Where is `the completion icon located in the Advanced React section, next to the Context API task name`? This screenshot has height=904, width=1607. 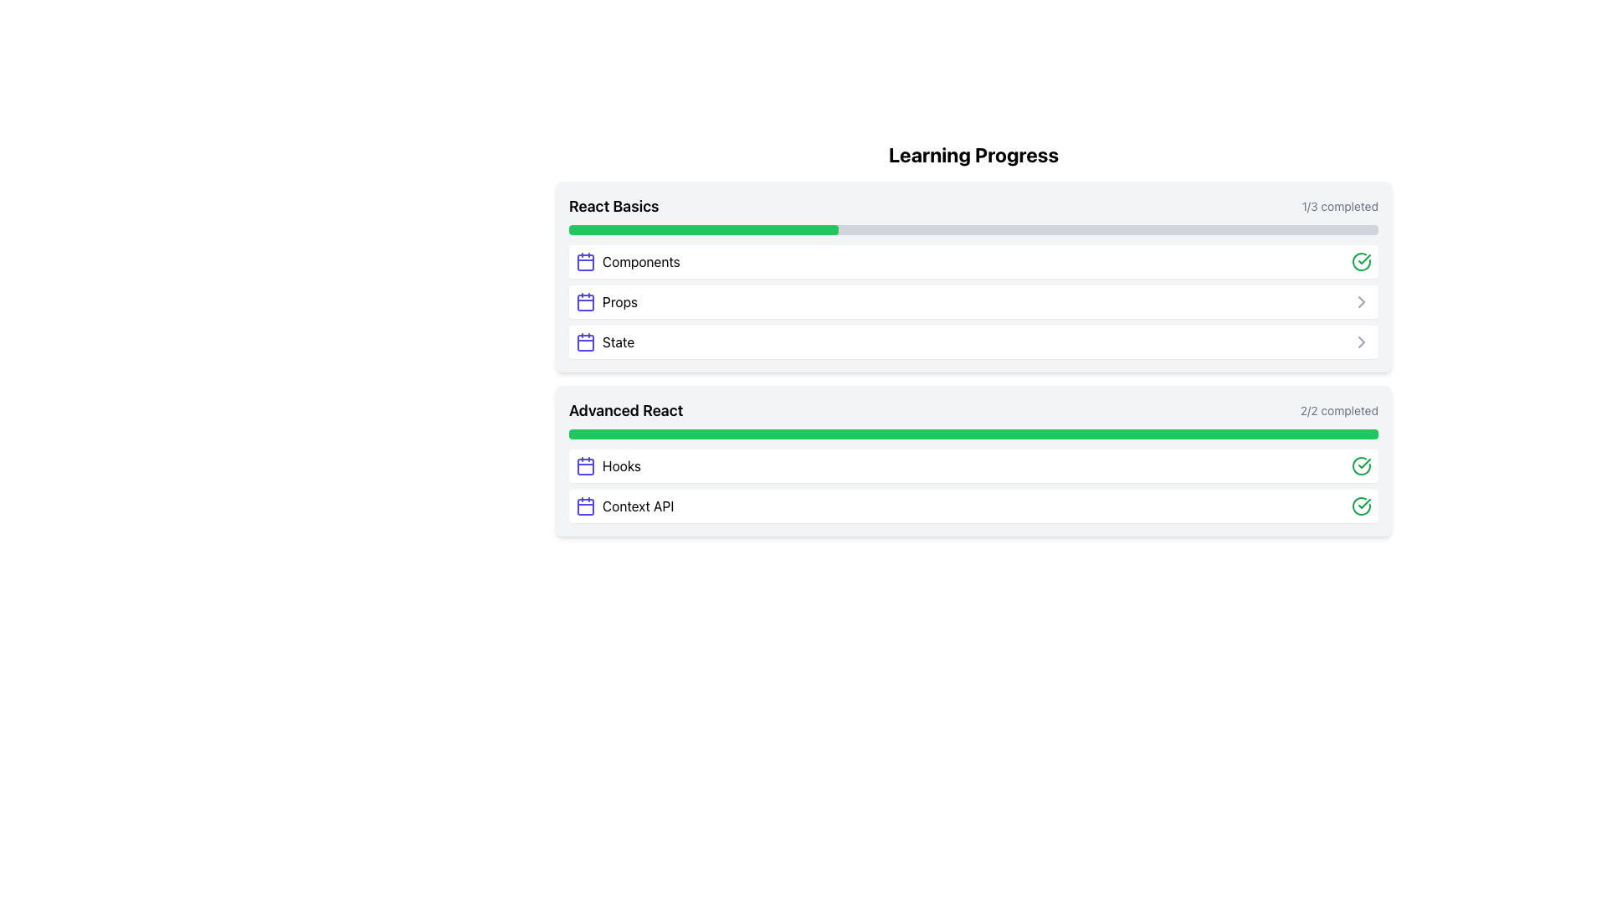 the completion icon located in the Advanced React section, next to the Context API task name is located at coordinates (1364, 464).